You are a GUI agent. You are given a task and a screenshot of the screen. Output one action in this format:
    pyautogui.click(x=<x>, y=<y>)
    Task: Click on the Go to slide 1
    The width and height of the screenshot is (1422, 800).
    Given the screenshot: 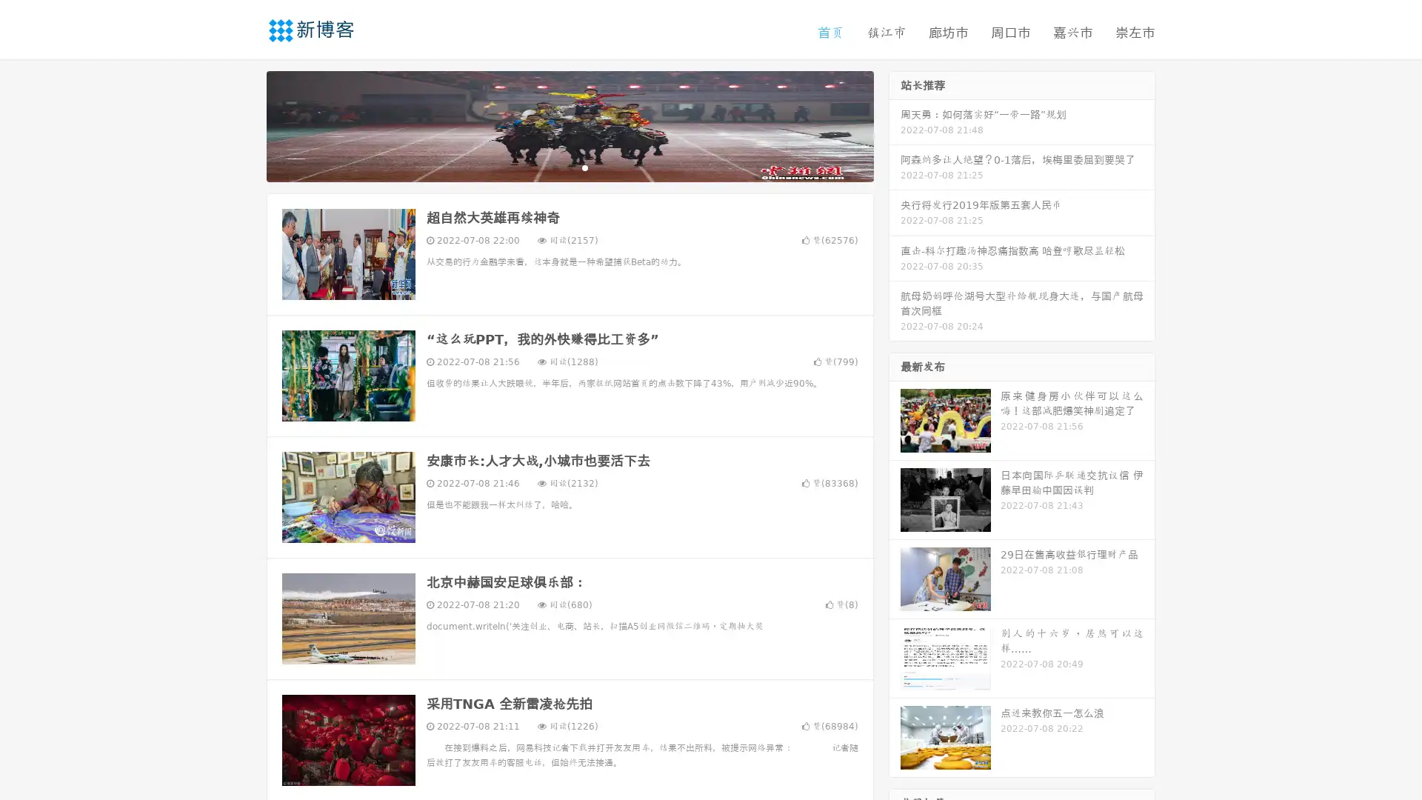 What is the action you would take?
    pyautogui.click(x=554, y=167)
    